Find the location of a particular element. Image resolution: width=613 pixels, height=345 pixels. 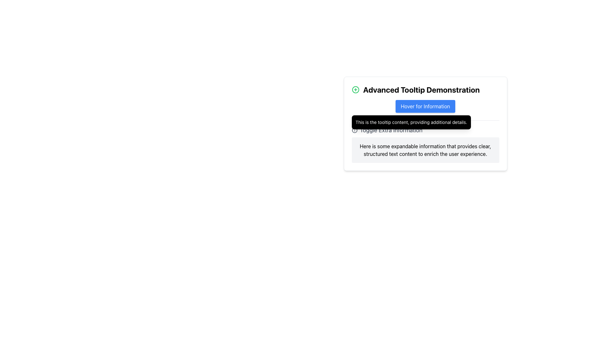

the black rectangular tooltip with rounded corners and white text, located below the blue button labeled 'Hover for Information' is located at coordinates (425, 124).